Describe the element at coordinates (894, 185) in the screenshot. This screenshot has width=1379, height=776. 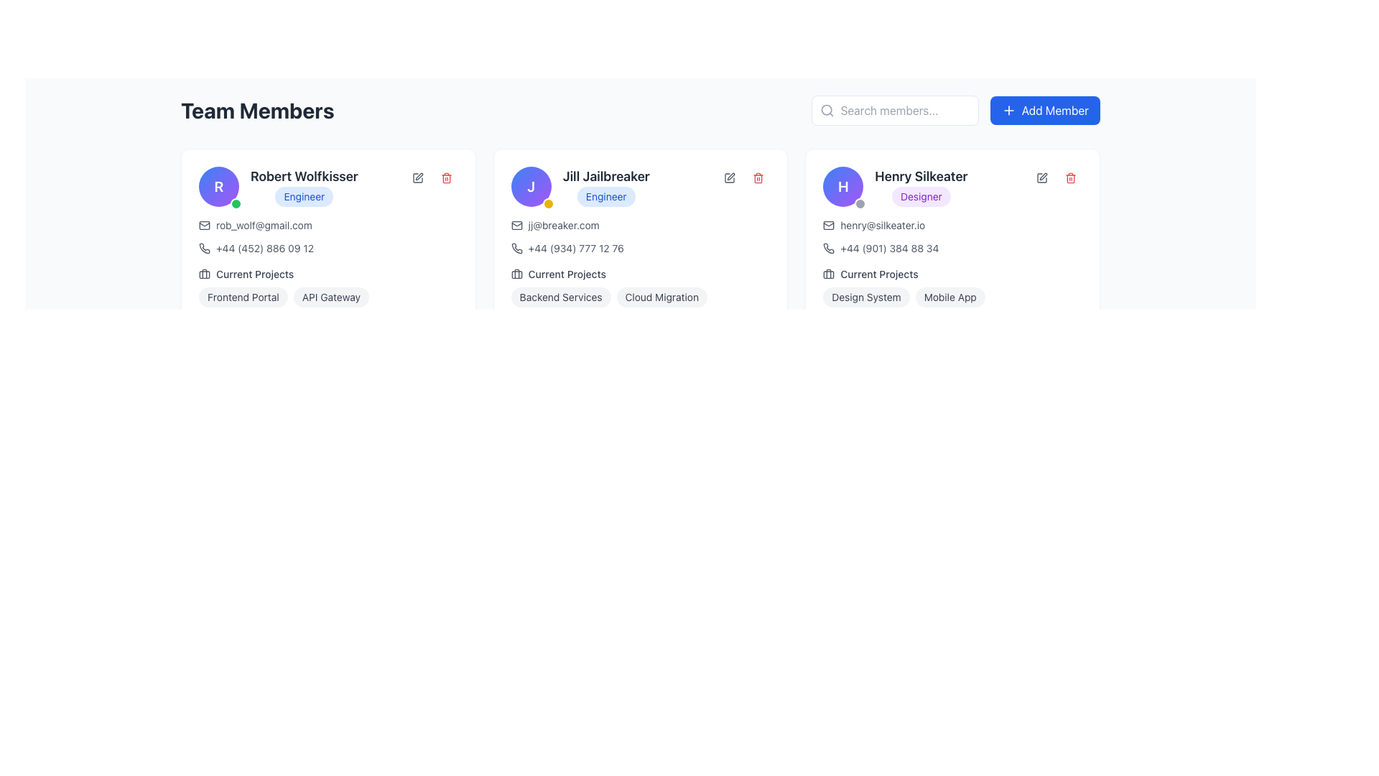
I see `the name section of the Profile header for the team member located at the top of the third column in the 'Team Members' layout` at that location.